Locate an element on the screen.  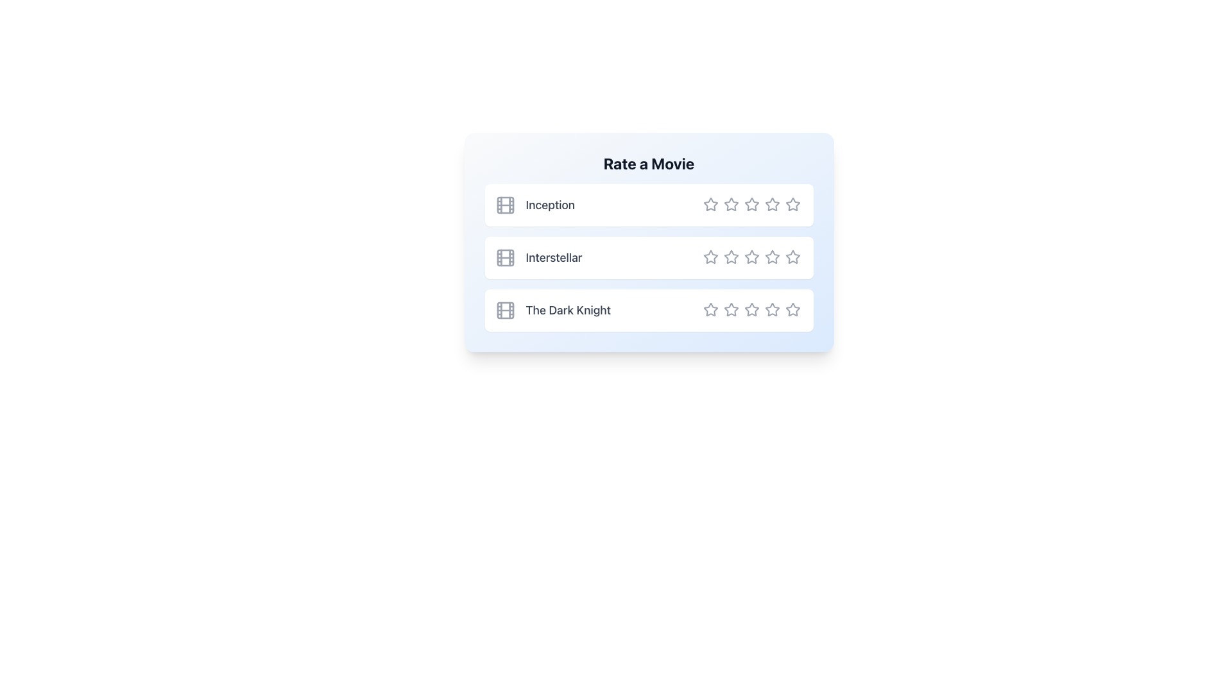
the fifth star rating icon for 'The Dark Knight' is located at coordinates (792, 309).